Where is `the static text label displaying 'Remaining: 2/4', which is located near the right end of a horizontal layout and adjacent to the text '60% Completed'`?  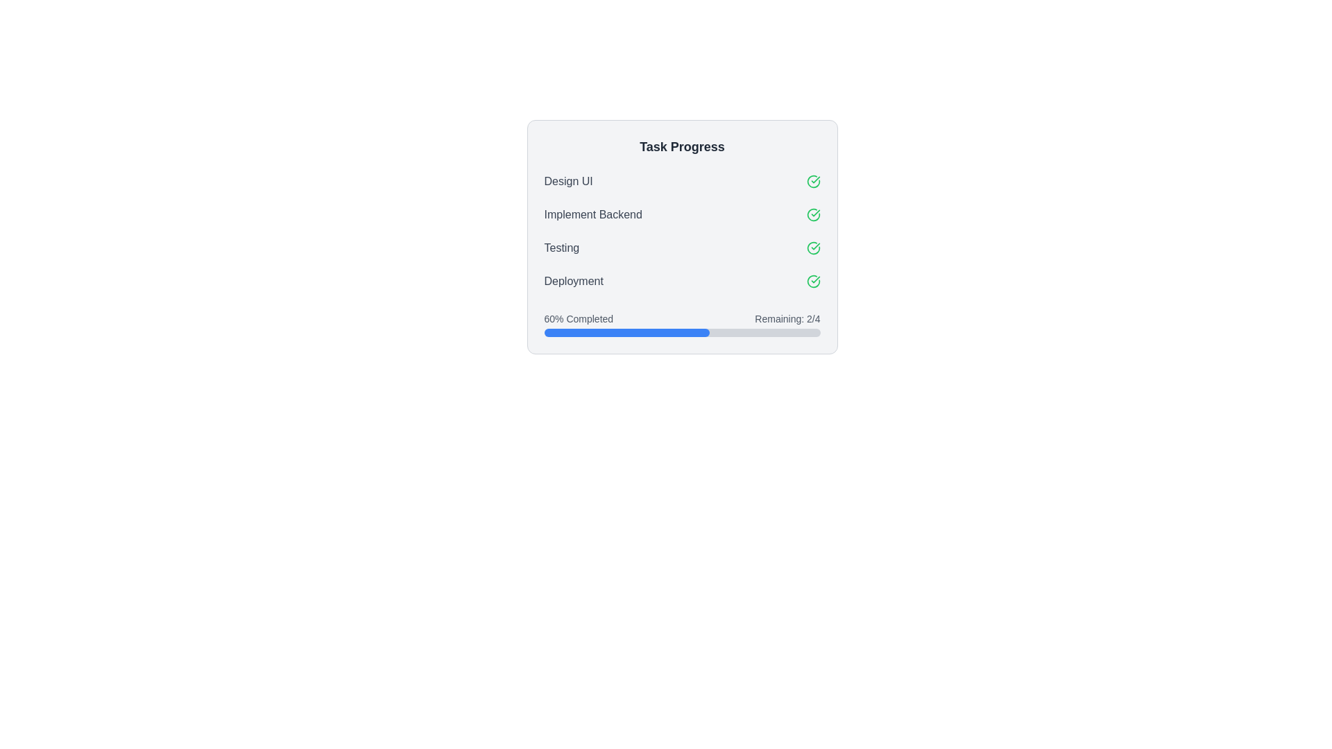
the static text label displaying 'Remaining: 2/4', which is located near the right end of a horizontal layout and adjacent to the text '60% Completed' is located at coordinates (787, 318).